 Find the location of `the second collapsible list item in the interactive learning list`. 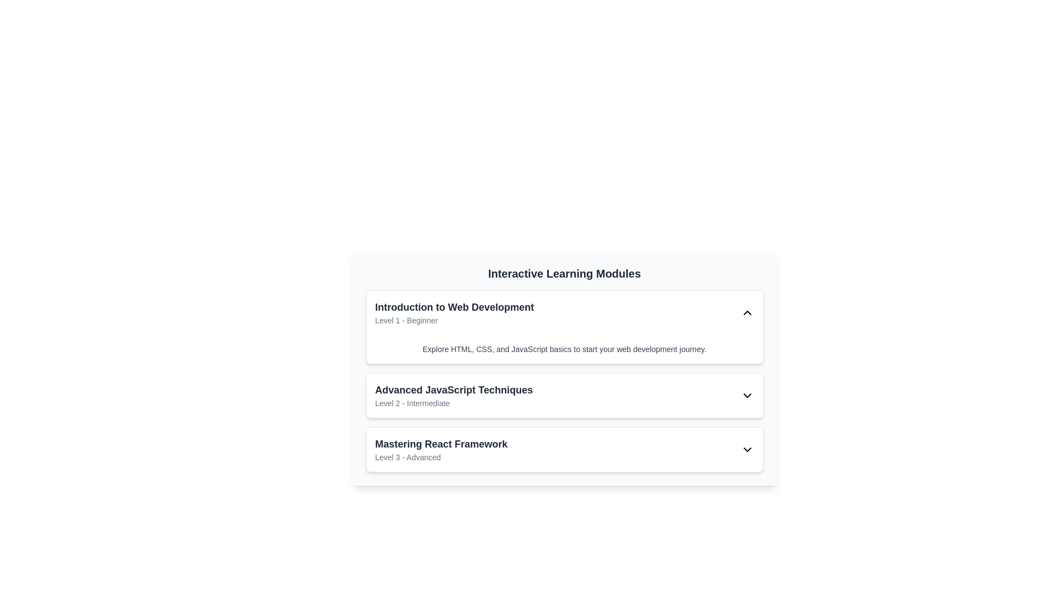

the second collapsible list item in the interactive learning list is located at coordinates (564, 395).